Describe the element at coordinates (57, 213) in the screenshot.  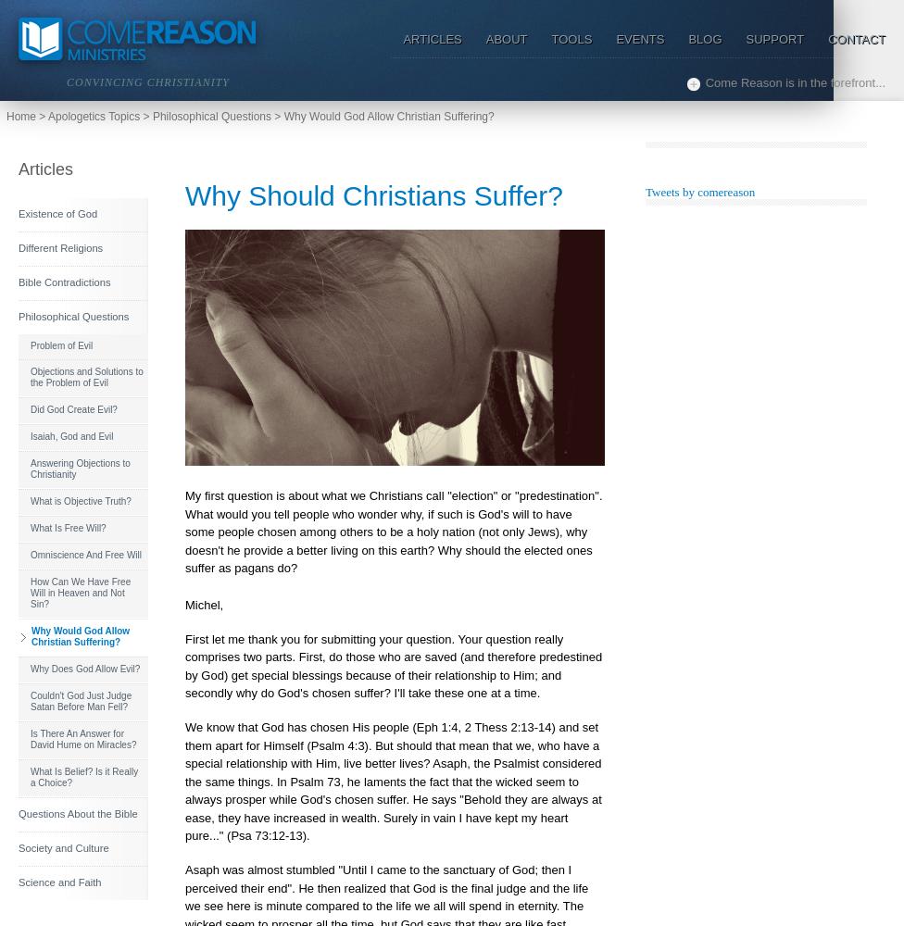
I see `'Existence of God'` at that location.